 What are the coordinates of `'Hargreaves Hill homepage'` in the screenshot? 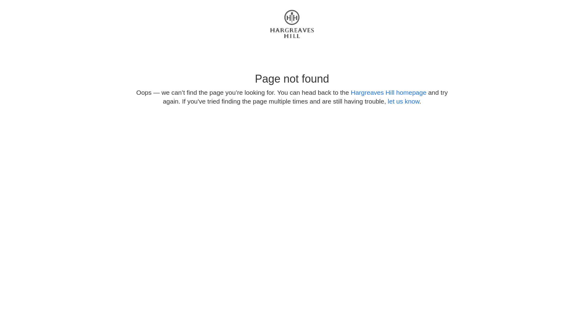 It's located at (388, 92).